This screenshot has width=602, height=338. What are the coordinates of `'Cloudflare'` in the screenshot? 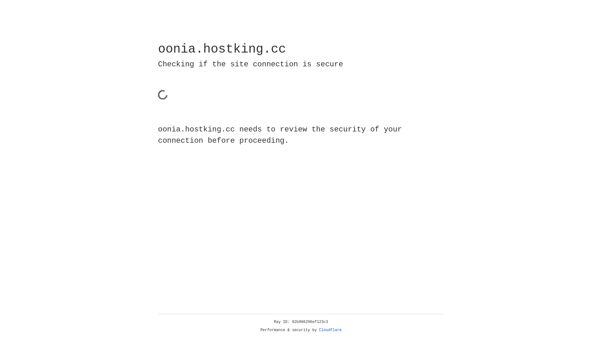 It's located at (330, 330).